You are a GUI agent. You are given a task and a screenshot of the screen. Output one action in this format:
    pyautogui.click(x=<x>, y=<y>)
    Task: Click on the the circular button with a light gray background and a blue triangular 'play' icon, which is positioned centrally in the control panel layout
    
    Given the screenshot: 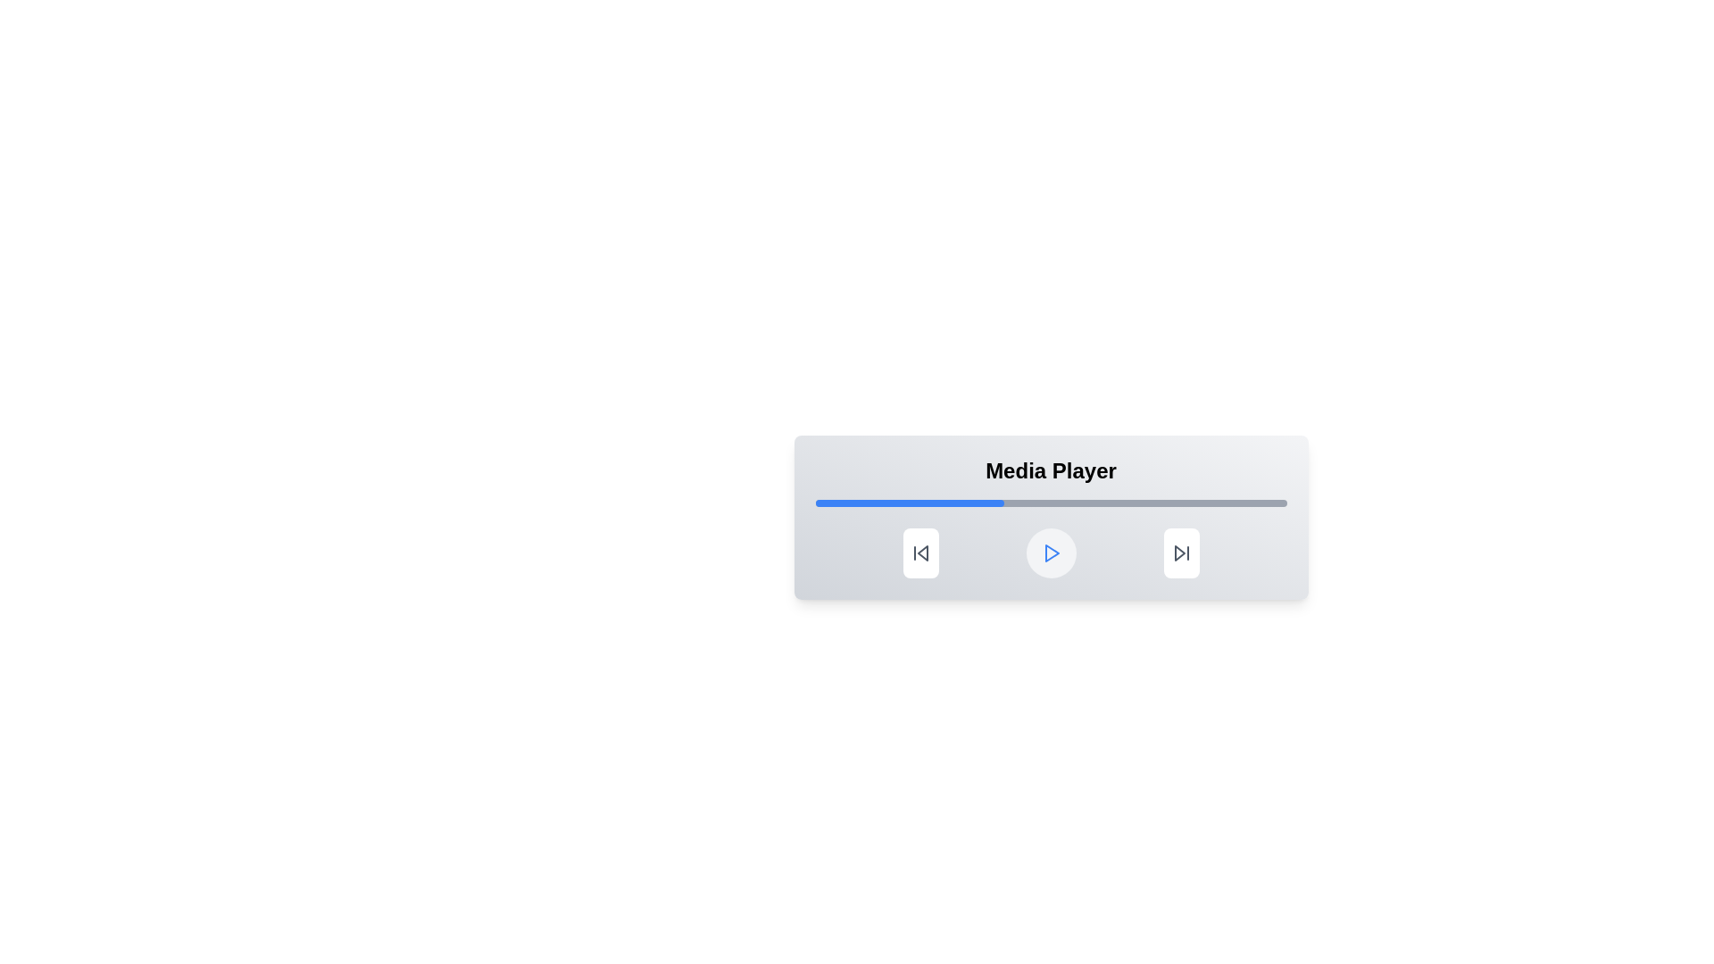 What is the action you would take?
    pyautogui.click(x=1051, y=553)
    